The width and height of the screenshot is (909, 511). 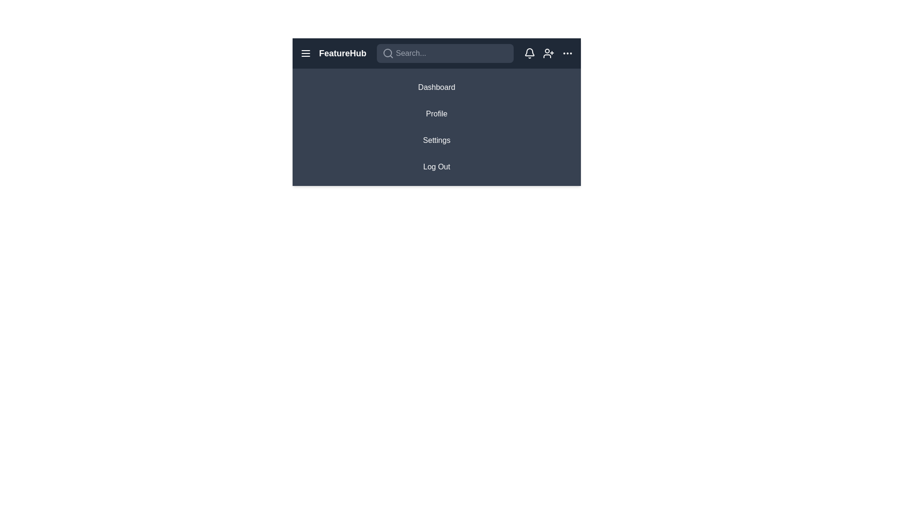 What do you see at coordinates (436, 113) in the screenshot?
I see `the 'Profile' button, which is the second button in a vertical list of four buttons (Dashboard, Profile, Settings, Log Out), to receive visual feedback` at bounding box center [436, 113].